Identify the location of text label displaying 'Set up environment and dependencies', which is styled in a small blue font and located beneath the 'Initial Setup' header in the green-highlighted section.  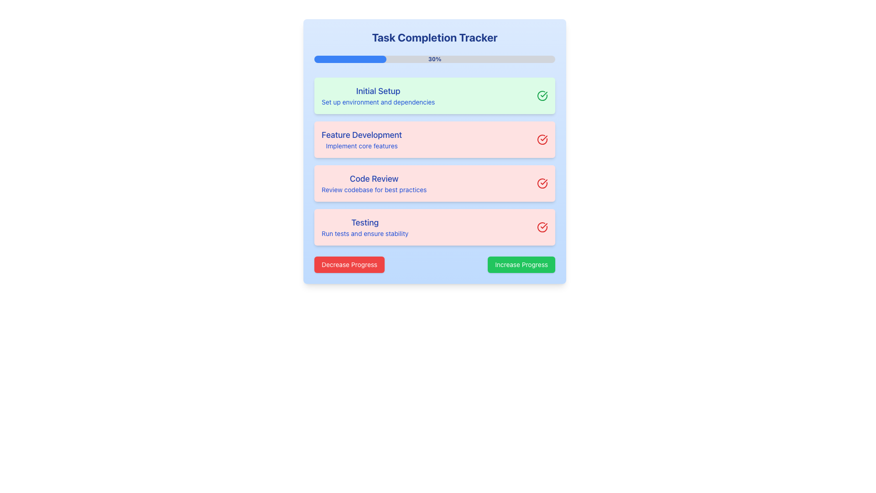
(378, 102).